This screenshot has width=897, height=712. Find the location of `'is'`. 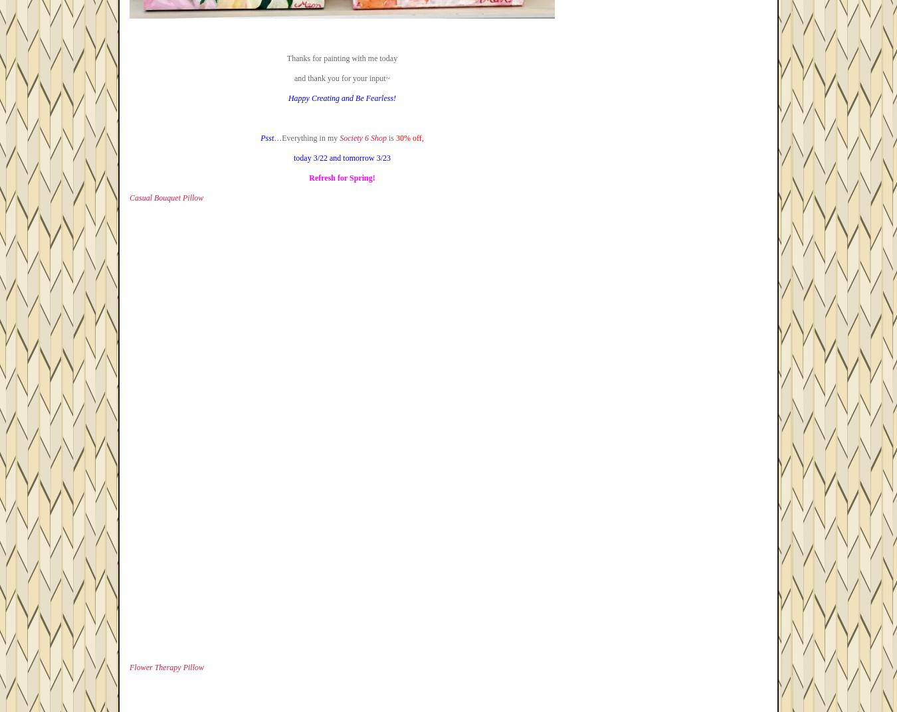

'is' is located at coordinates (391, 137).